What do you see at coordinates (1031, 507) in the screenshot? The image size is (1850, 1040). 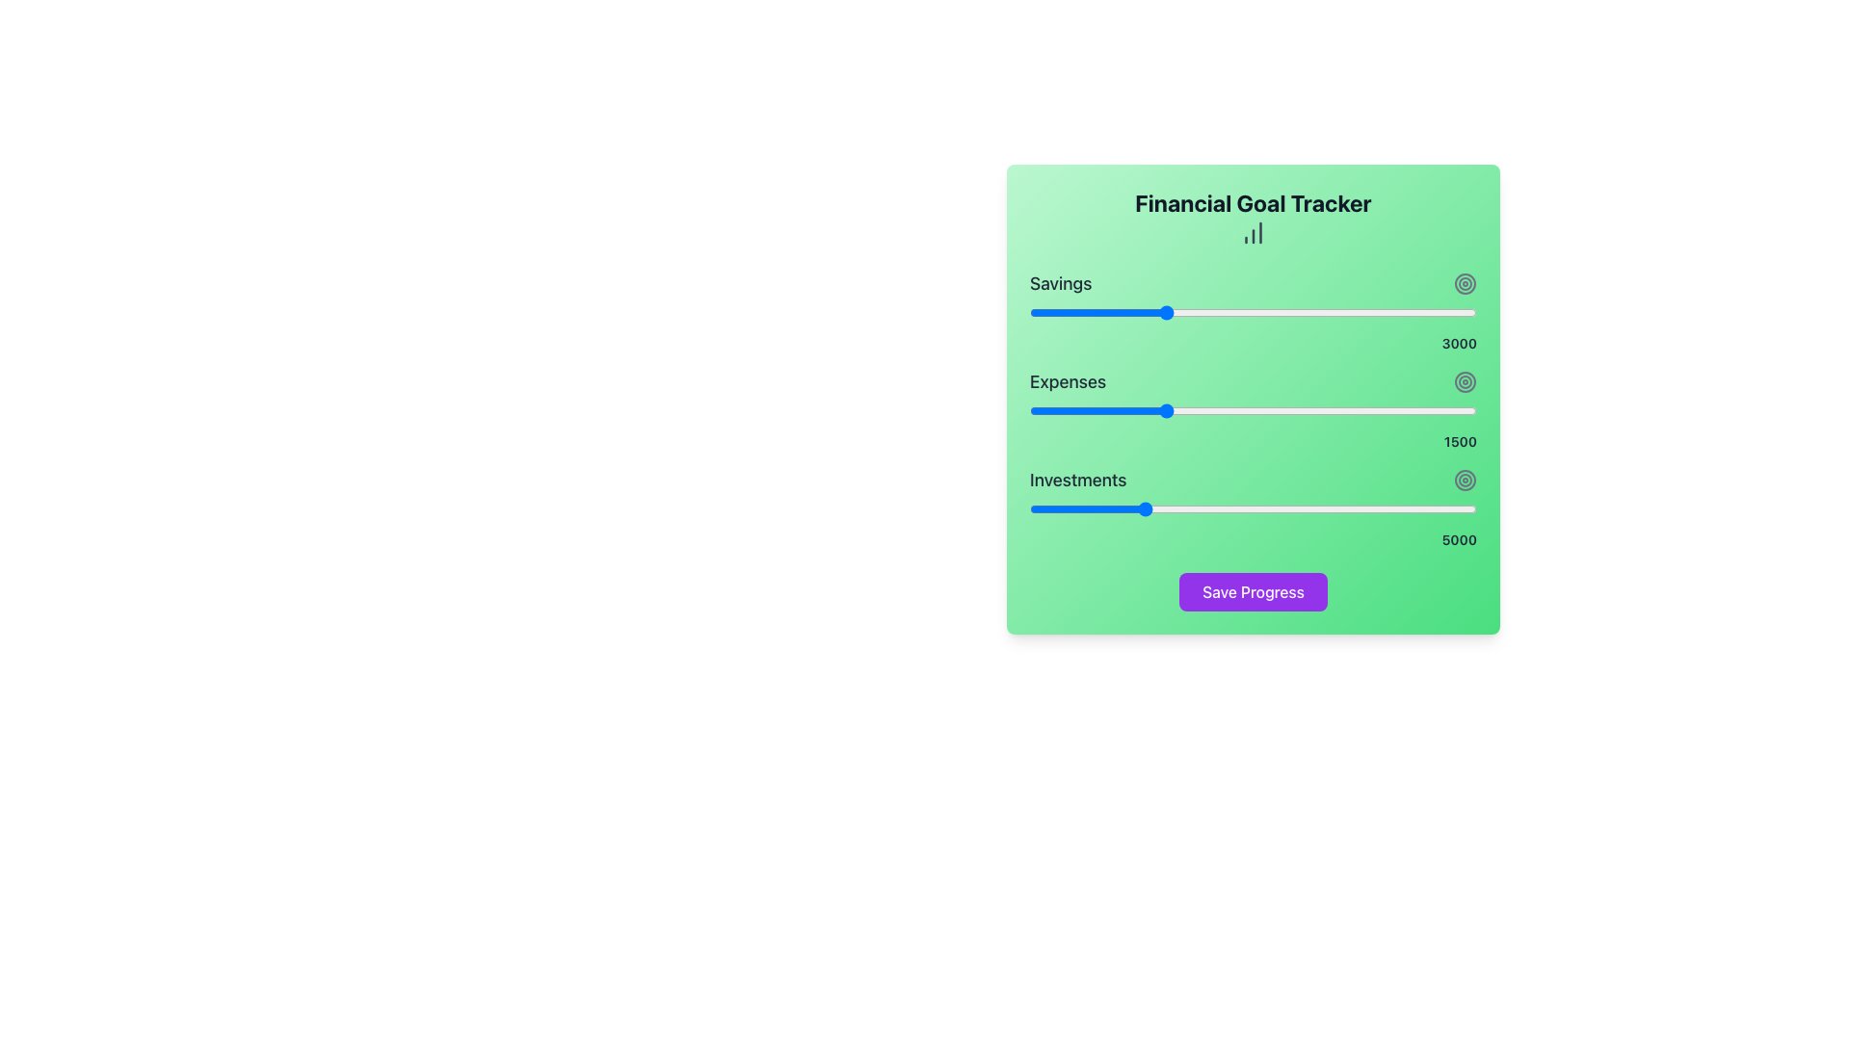 I see `the investment goal` at bounding box center [1031, 507].